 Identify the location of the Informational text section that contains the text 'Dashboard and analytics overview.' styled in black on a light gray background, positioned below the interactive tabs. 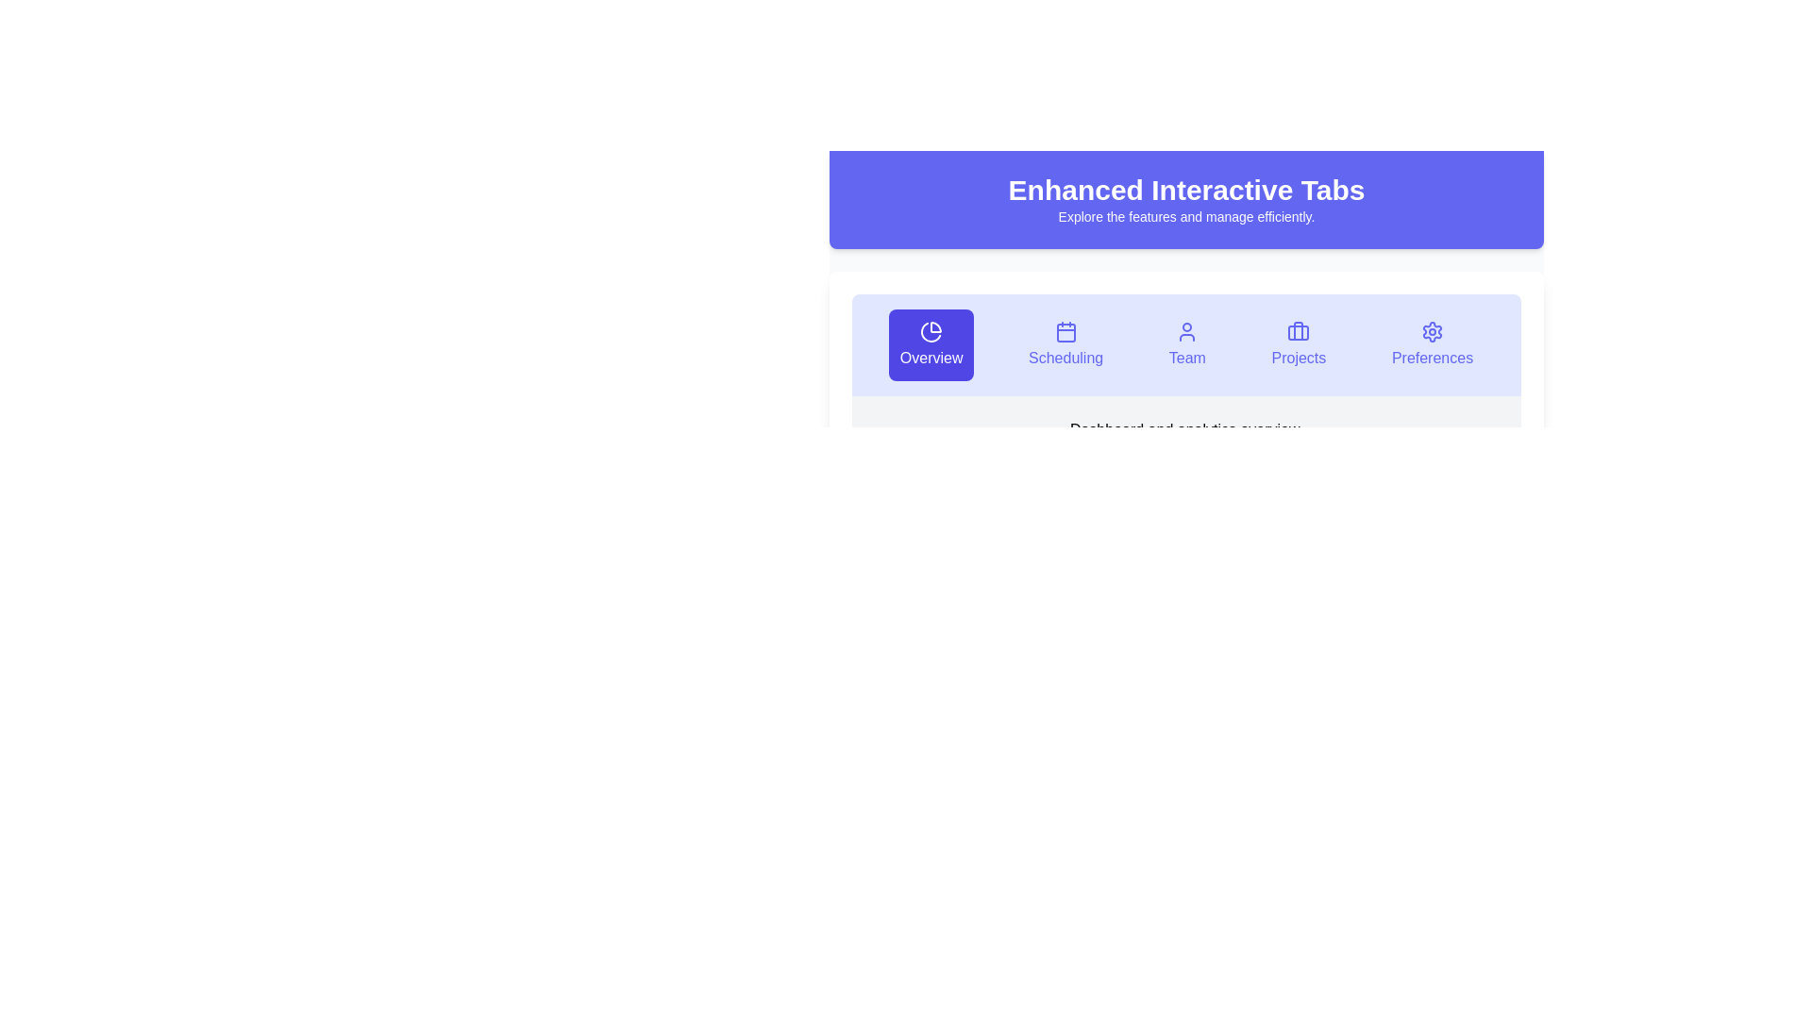
(1185, 429).